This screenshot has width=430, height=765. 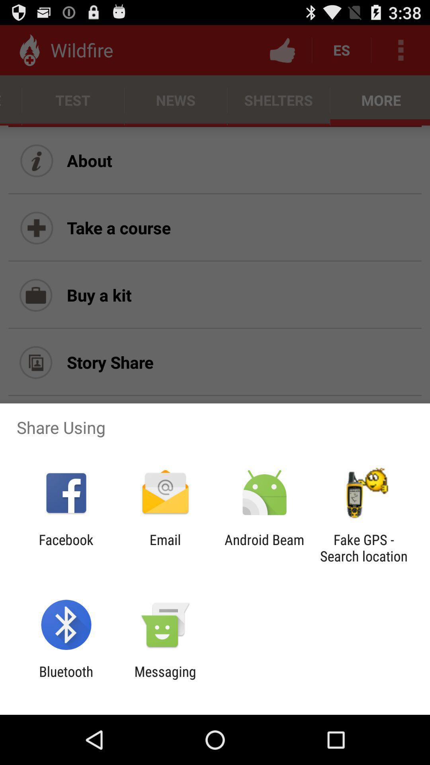 What do you see at coordinates (364, 547) in the screenshot?
I see `icon next to the android beam app` at bounding box center [364, 547].